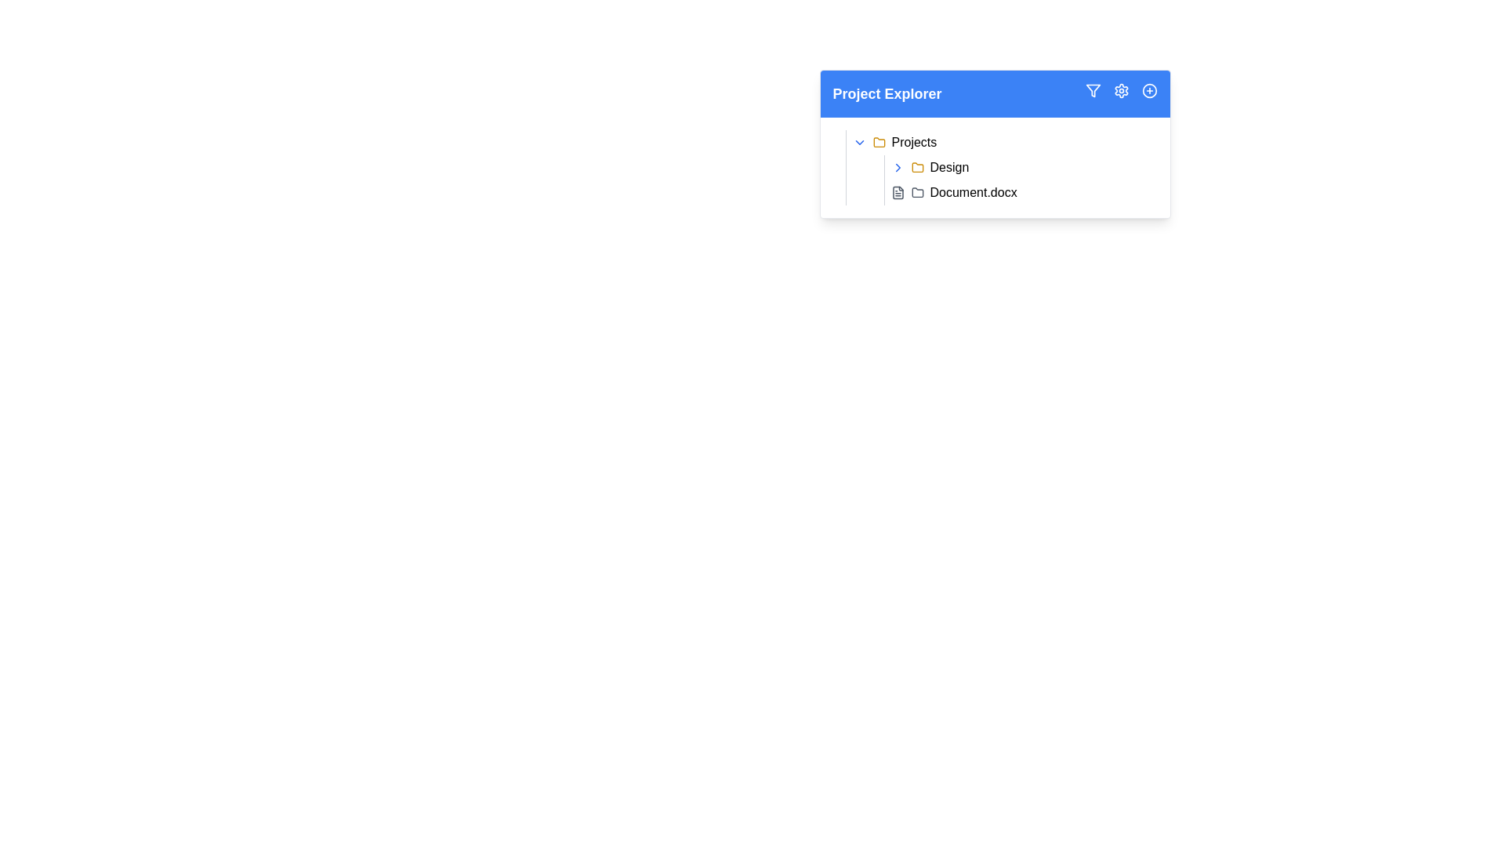 This screenshot has height=847, width=1505. What do you see at coordinates (1120, 90) in the screenshot?
I see `the gear-shaped icon with a circular outline on the blue background` at bounding box center [1120, 90].